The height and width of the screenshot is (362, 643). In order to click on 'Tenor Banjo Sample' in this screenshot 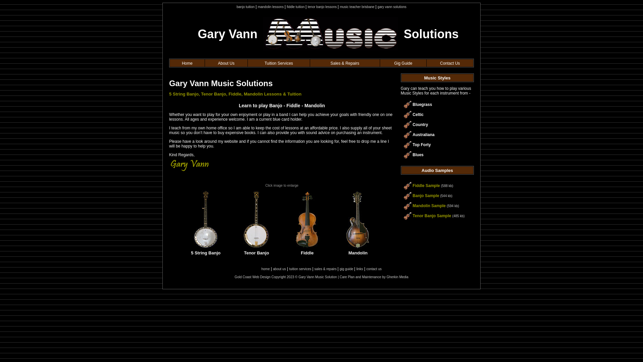, I will do `click(432, 216)`.